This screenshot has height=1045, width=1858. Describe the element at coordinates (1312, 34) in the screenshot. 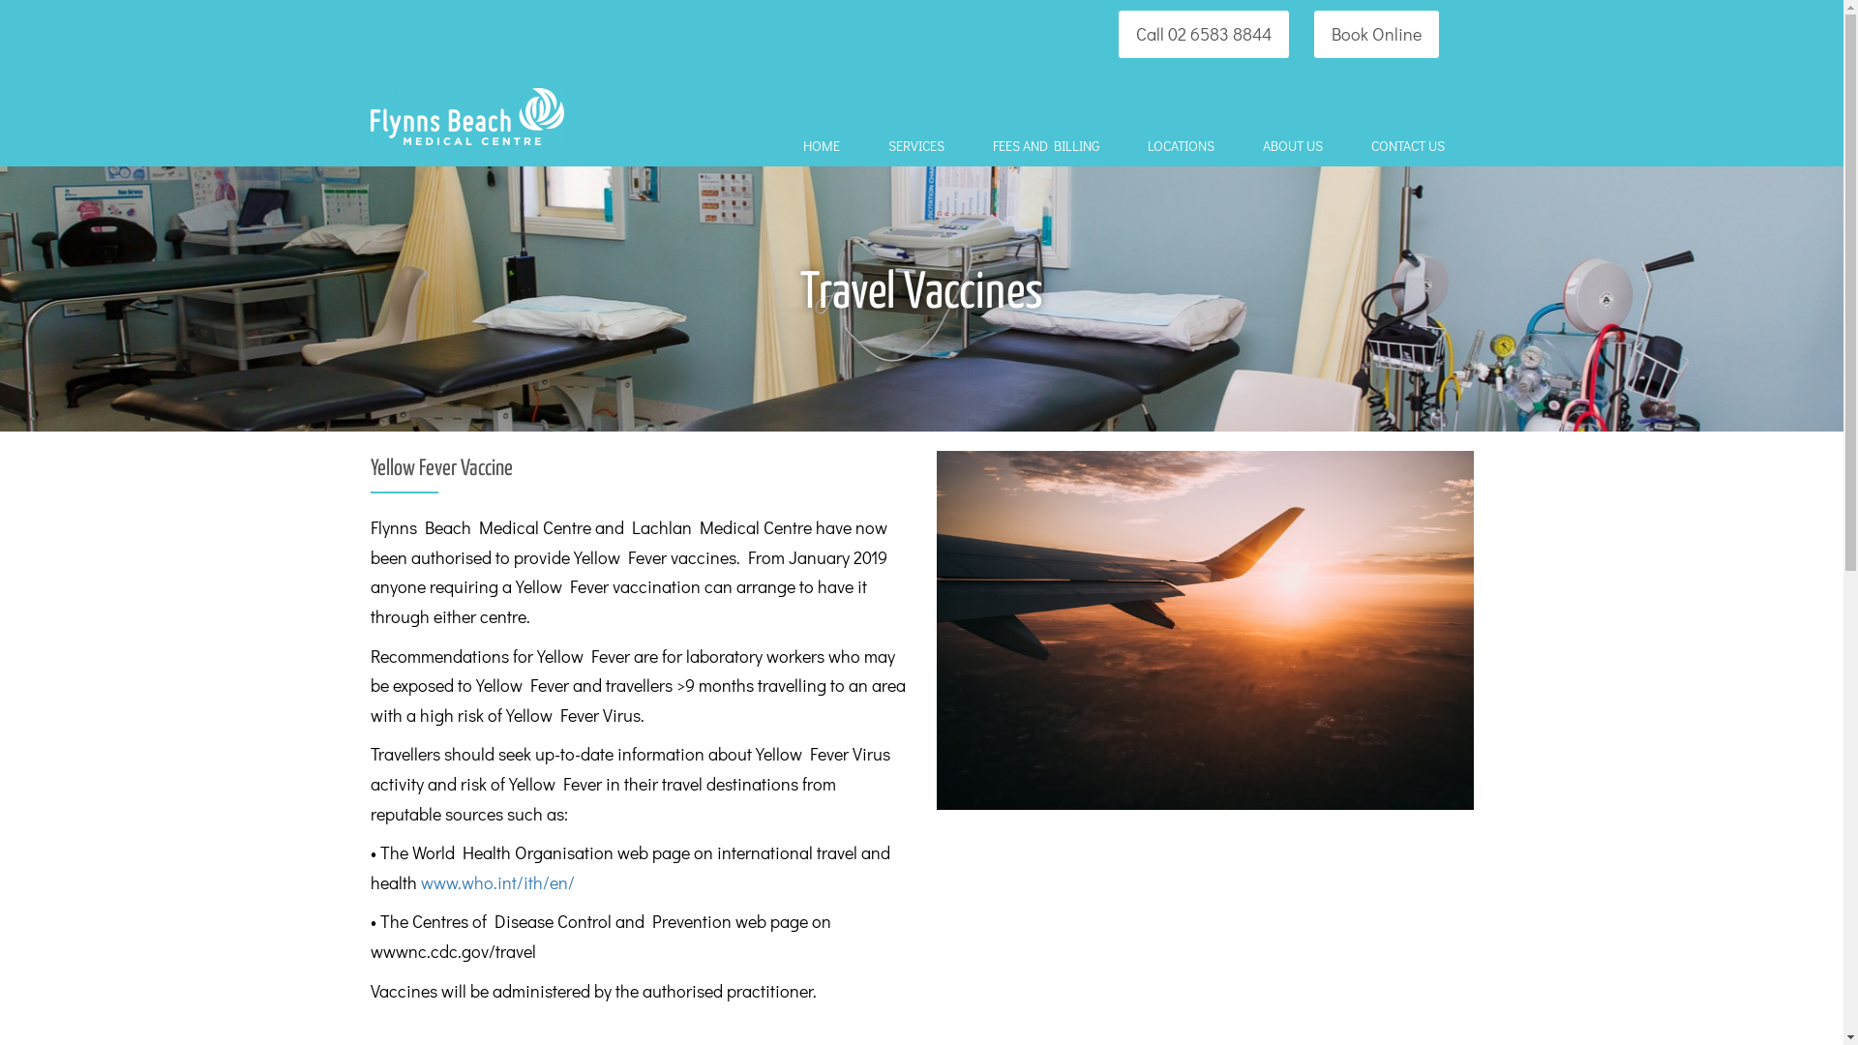

I see `'Book Online'` at that location.